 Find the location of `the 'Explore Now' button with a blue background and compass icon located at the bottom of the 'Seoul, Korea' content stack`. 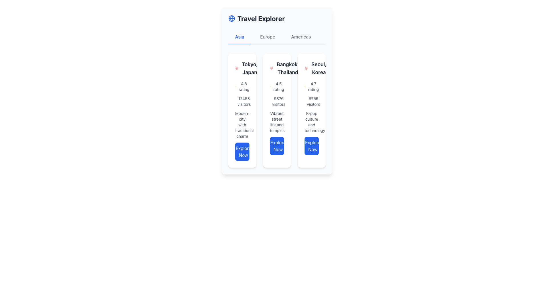

the 'Explore Now' button with a blue background and compass icon located at the bottom of the 'Seoul, Korea' content stack is located at coordinates (311, 146).